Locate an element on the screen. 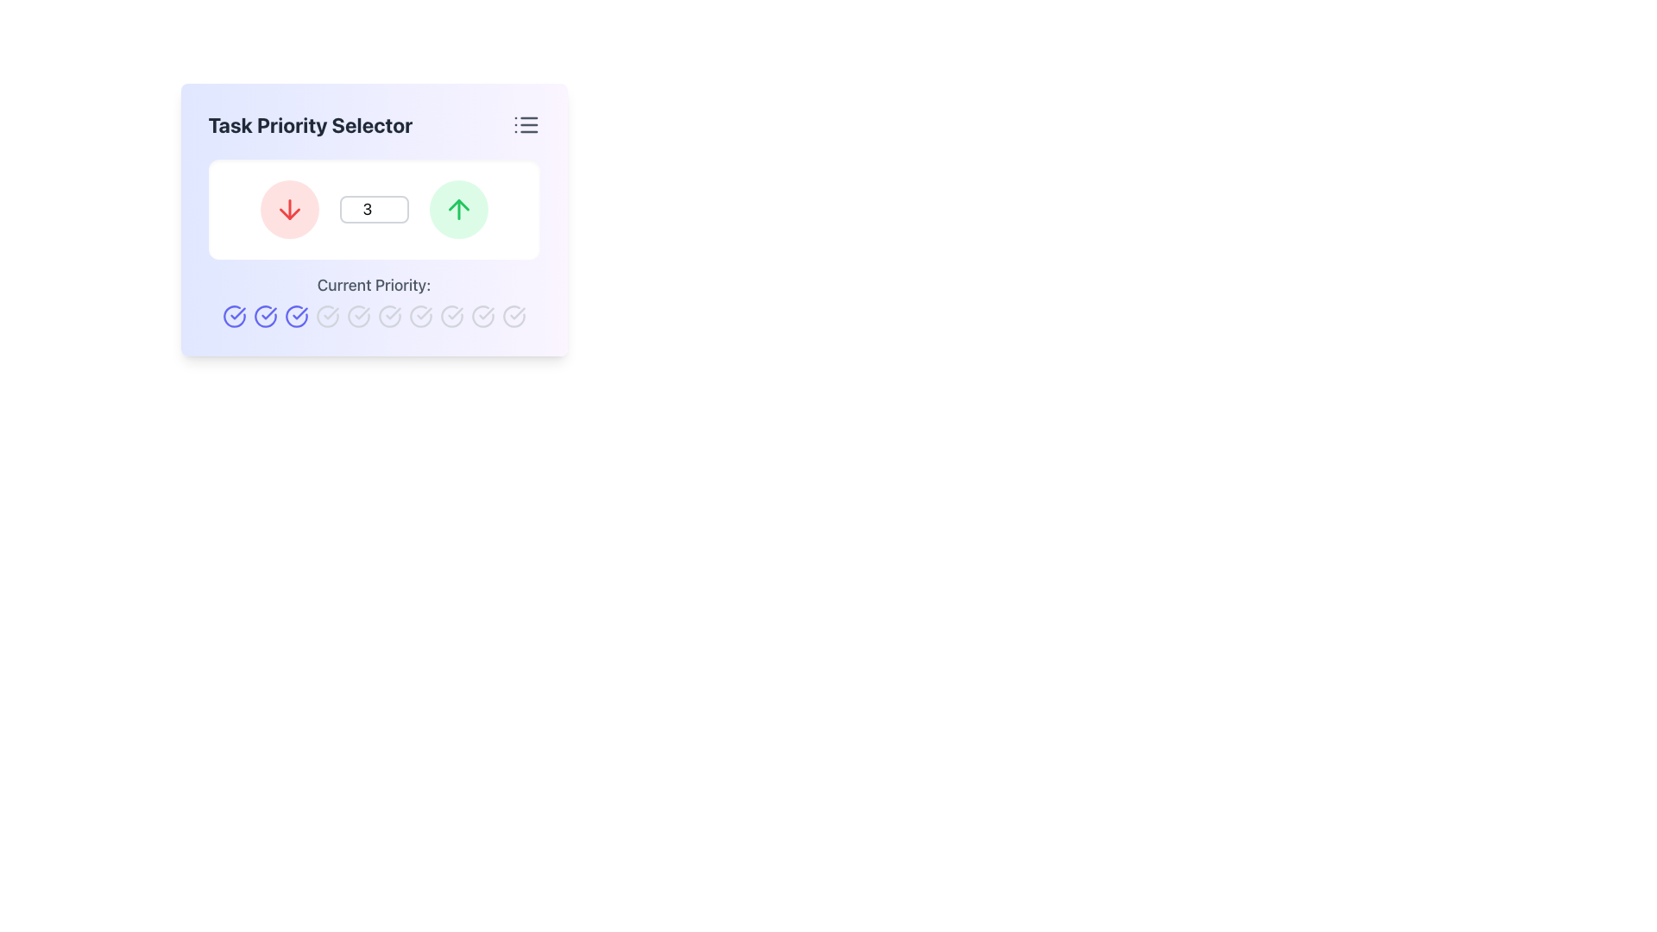 This screenshot has height=932, width=1657. the 8th circular icon representing a checkbox in the 'Current Priority' section to interact with keyboard navigation is located at coordinates (451, 316).